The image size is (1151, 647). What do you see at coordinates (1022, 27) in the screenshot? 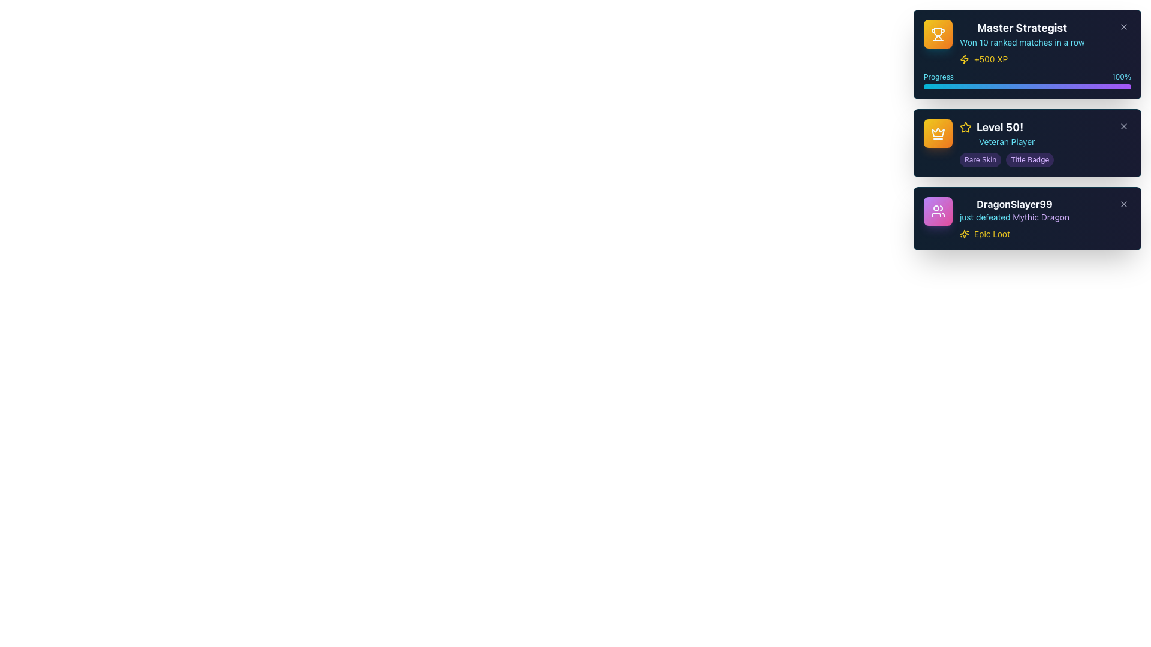
I see `the static text label element styled as a heading, which serves as the title for an achievement card positioned at the top-left corner of the card` at bounding box center [1022, 27].